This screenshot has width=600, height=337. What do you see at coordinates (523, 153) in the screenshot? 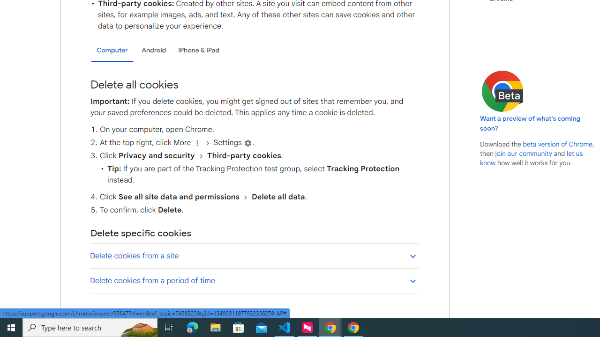
I see `'join our community'` at bounding box center [523, 153].